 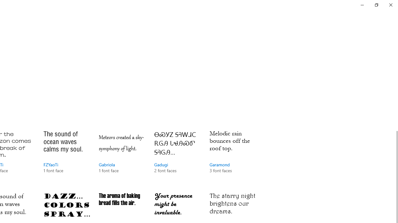 What do you see at coordinates (395, 32) in the screenshot?
I see `'Vertical Small Decrease'` at bounding box center [395, 32].